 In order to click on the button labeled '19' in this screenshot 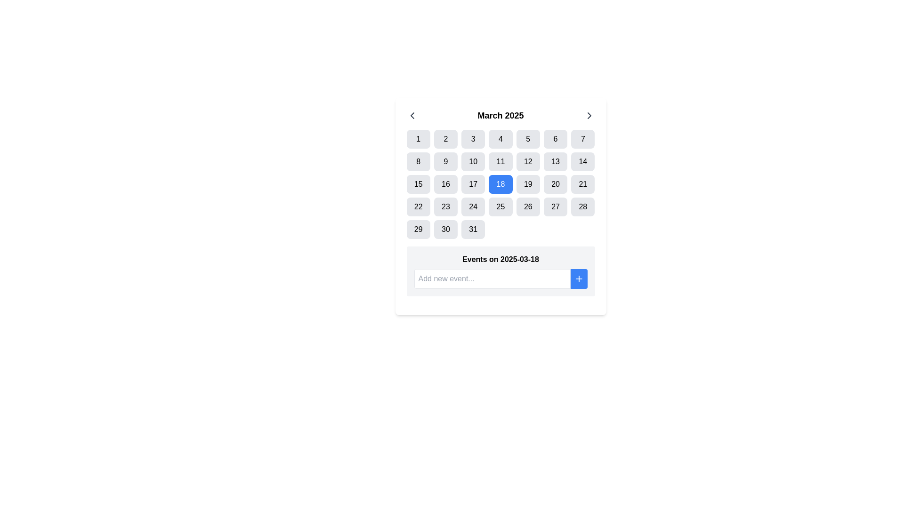, I will do `click(528, 184)`.